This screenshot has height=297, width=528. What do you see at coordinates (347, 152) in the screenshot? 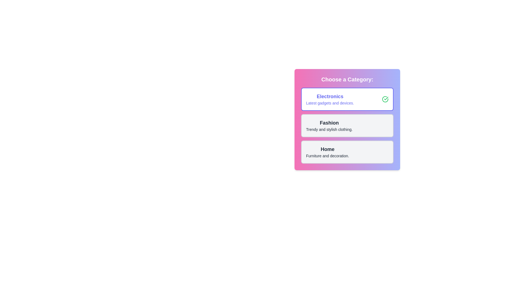
I see `the 'Home' category content box, which is the third item in a vertically stacked list of content boxes` at bounding box center [347, 152].